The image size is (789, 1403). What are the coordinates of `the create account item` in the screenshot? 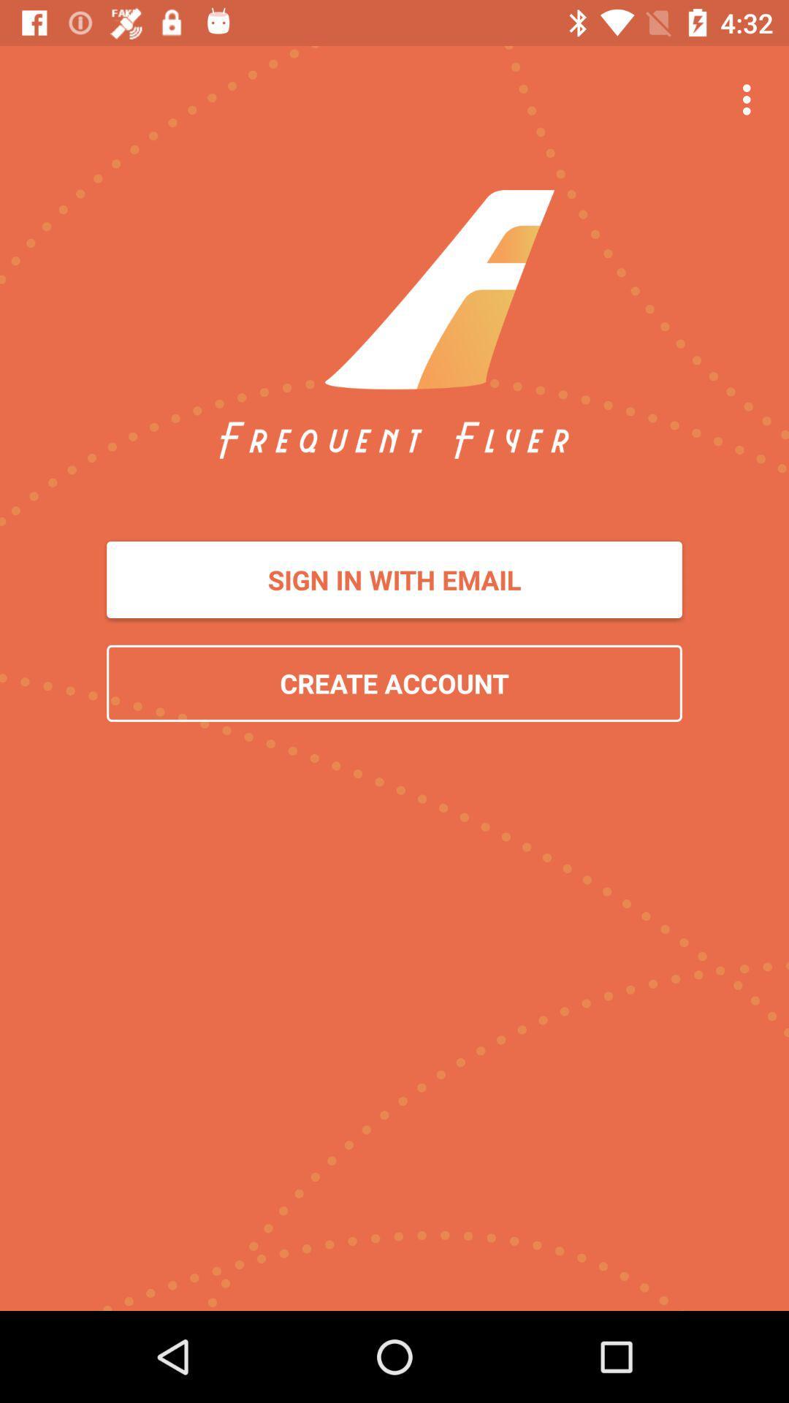 It's located at (394, 683).